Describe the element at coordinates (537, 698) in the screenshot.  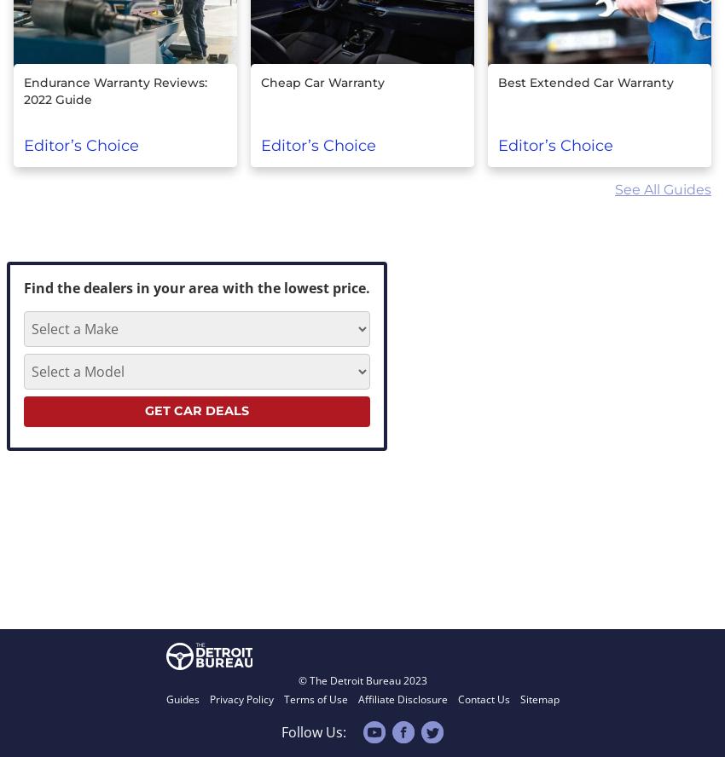
I see `'Sitemap'` at that location.